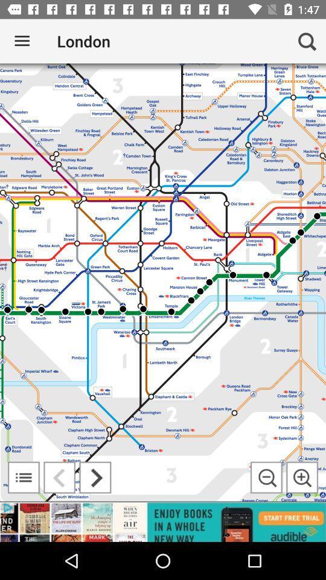 This screenshot has height=580, width=326. I want to click on go back, so click(59, 477).